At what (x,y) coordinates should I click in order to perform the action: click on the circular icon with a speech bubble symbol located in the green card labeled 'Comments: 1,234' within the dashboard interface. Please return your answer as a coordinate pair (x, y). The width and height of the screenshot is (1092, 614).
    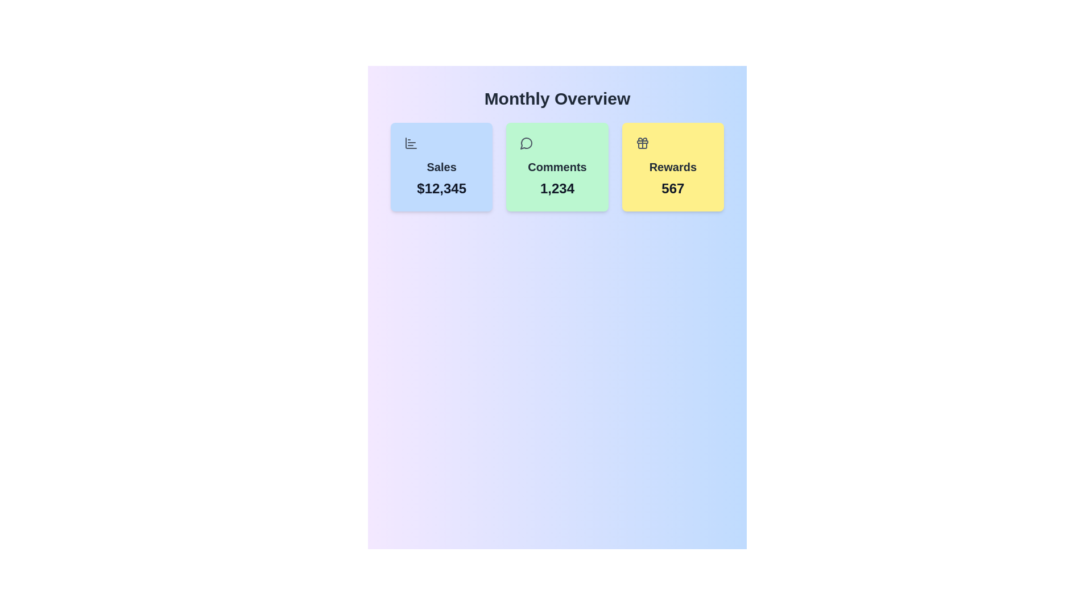
    Looking at the image, I should click on (526, 143).